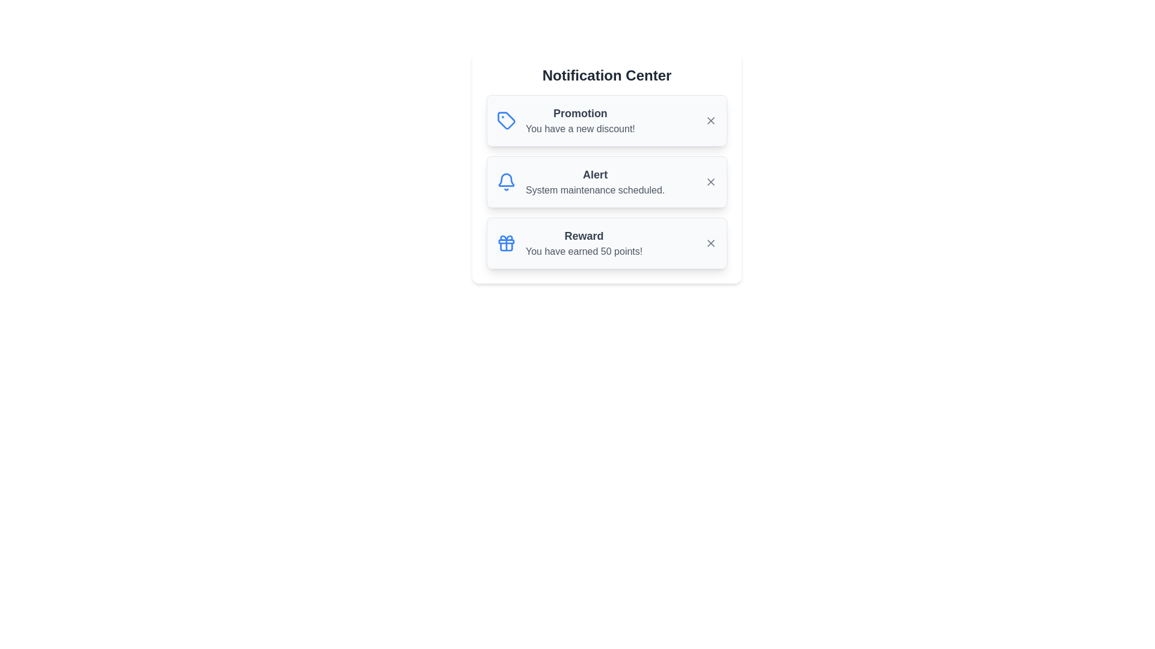 Image resolution: width=1155 pixels, height=649 pixels. I want to click on the Close button icon (SVG graphic) located in the top-right corner of the 'Alert' notification item in the notification center panel, so click(710, 182).